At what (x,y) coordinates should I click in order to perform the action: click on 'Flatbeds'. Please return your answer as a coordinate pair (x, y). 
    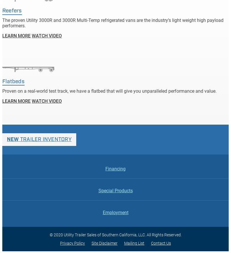
    Looking at the image, I should click on (13, 81).